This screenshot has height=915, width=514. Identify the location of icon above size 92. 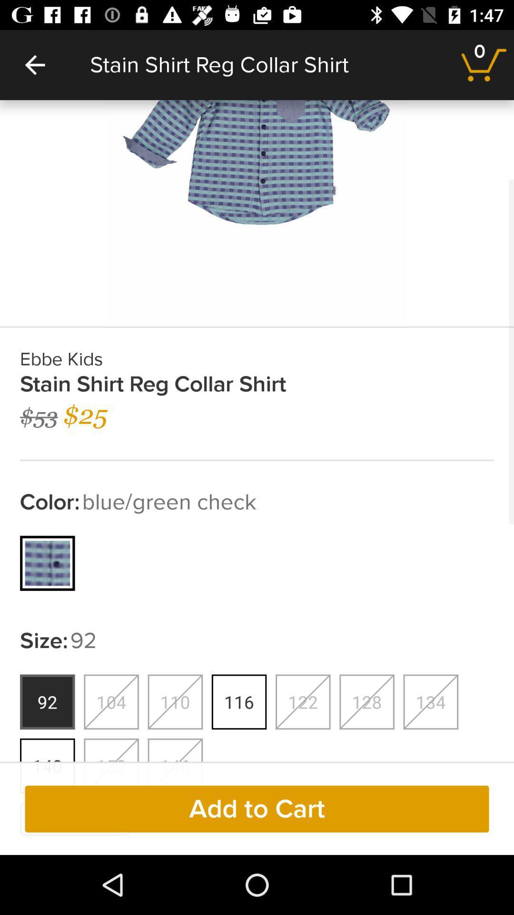
(48, 563).